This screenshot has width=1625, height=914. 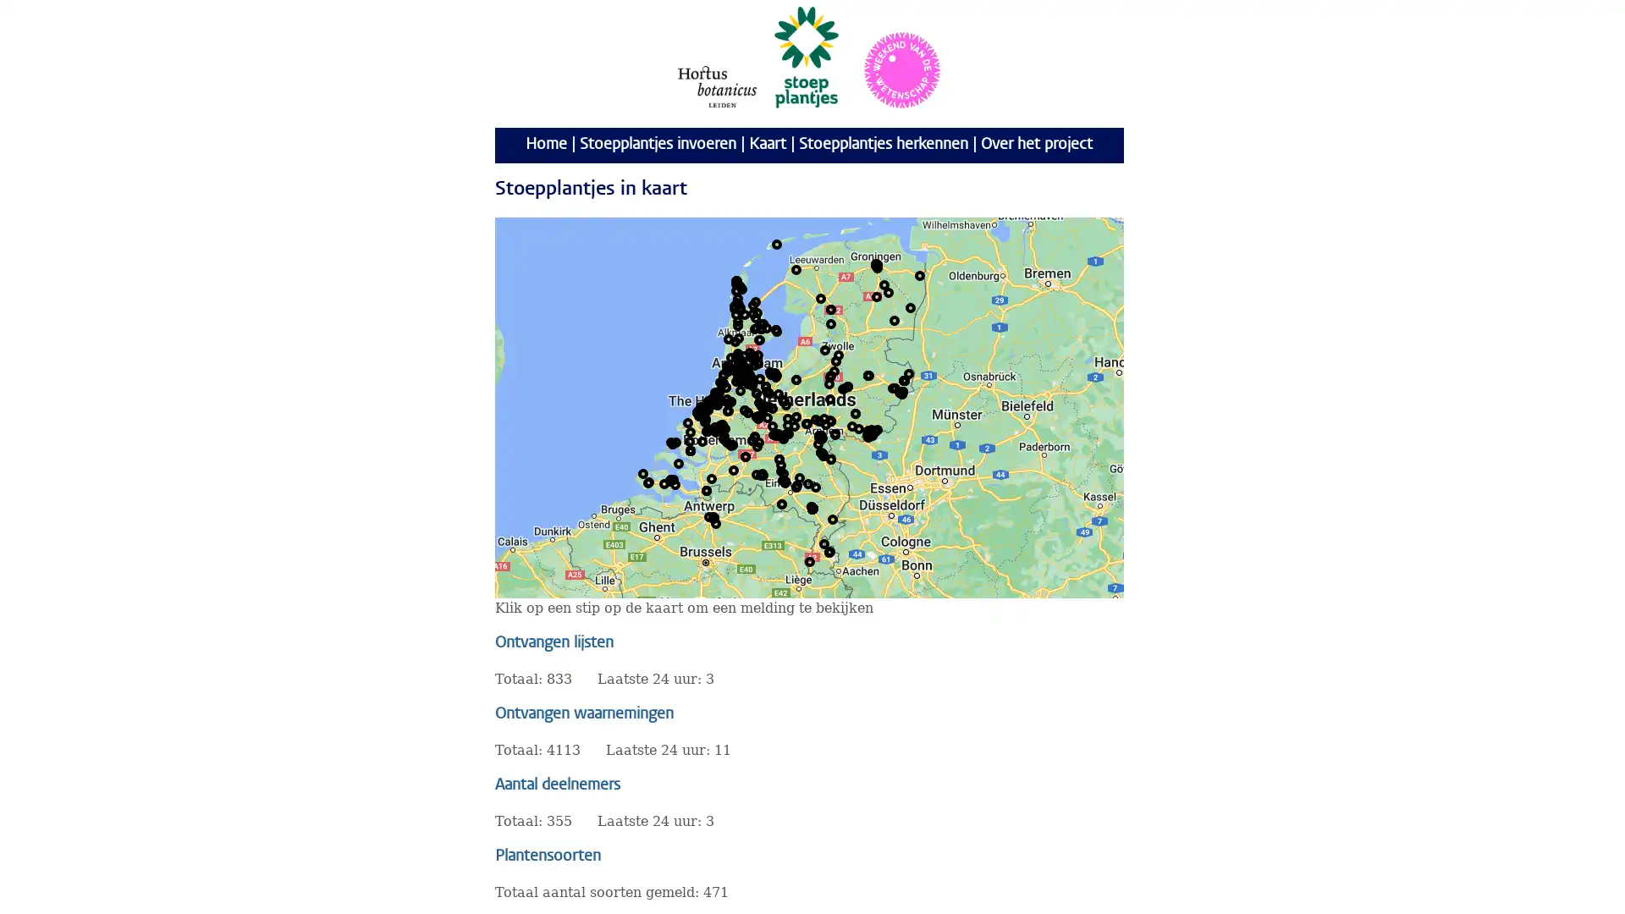 I want to click on Telling van Hailey op 04 oktober 2021, so click(x=902, y=378).